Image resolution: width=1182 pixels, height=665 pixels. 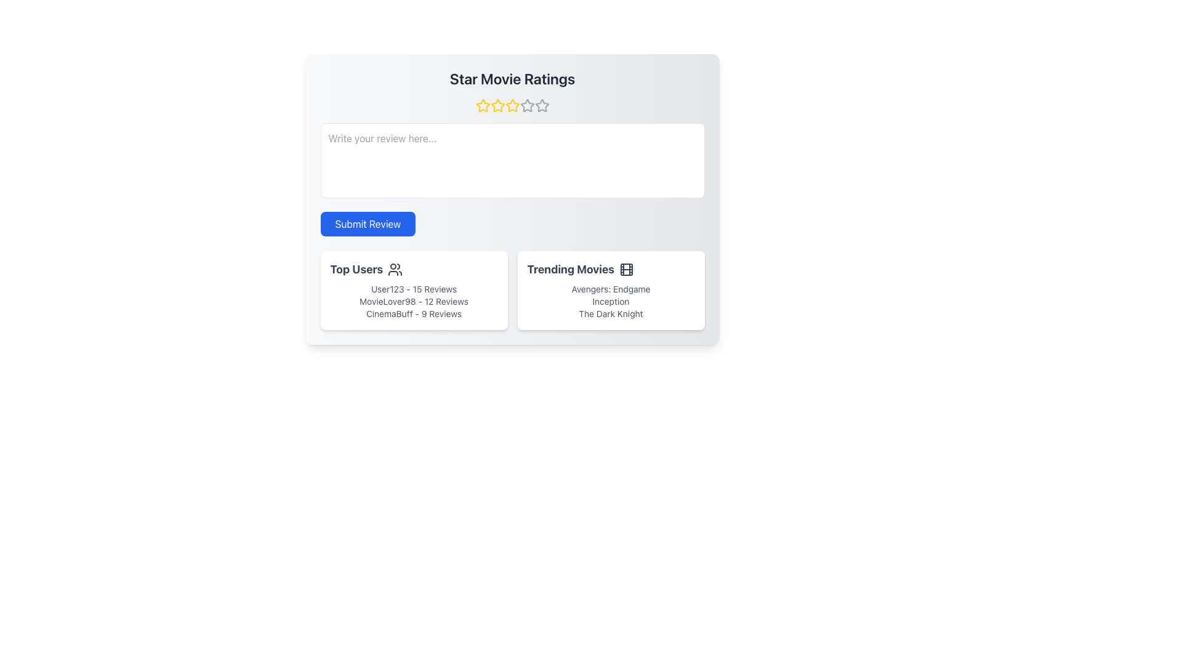 What do you see at coordinates (526, 104) in the screenshot?
I see `the fourth star-shaped icon in the rating system` at bounding box center [526, 104].